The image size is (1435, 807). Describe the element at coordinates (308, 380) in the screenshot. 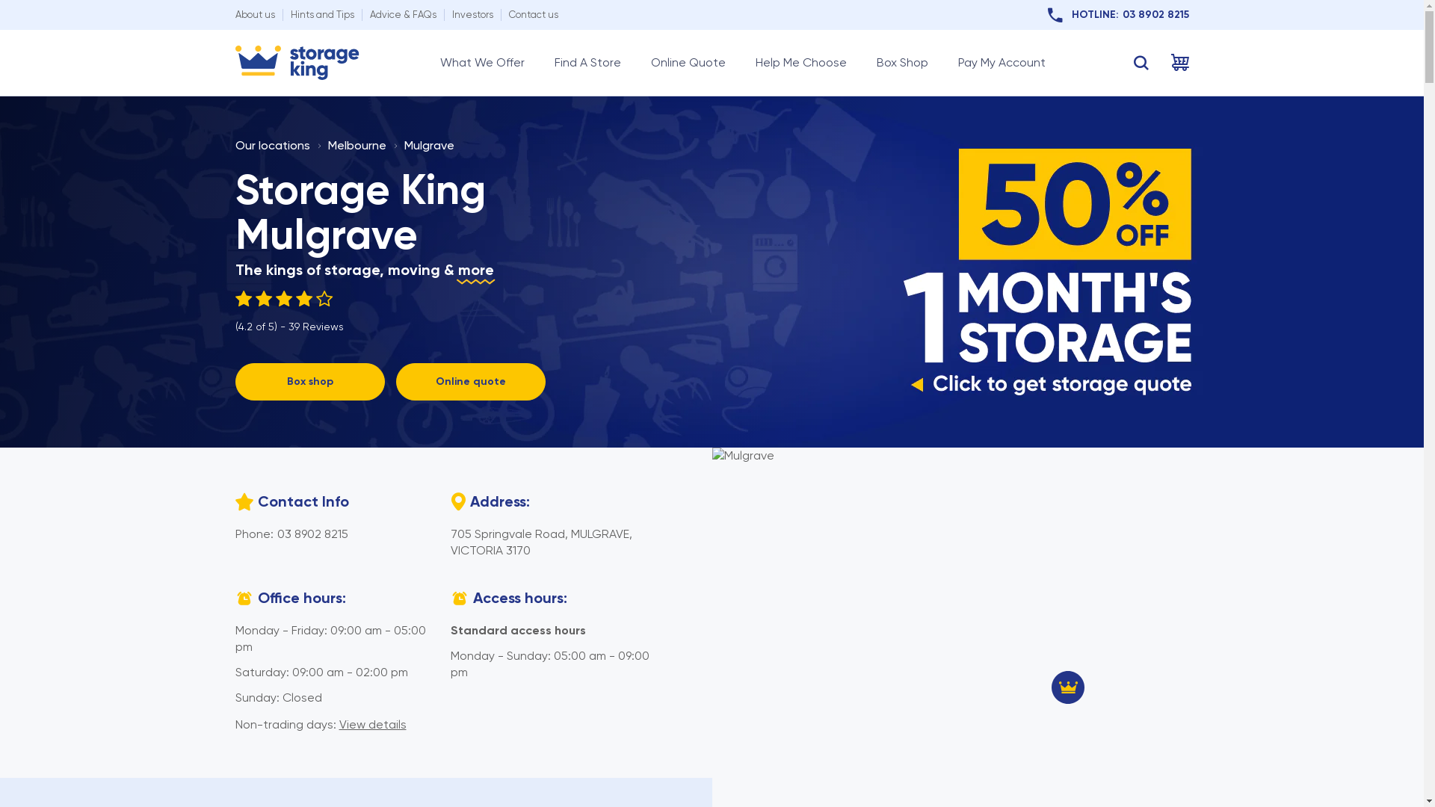

I see `'Box shop'` at that location.